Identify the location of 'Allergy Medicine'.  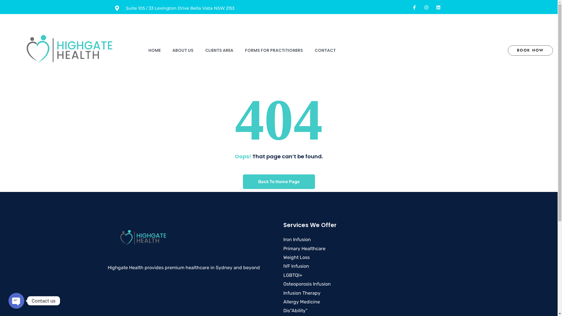
(301, 302).